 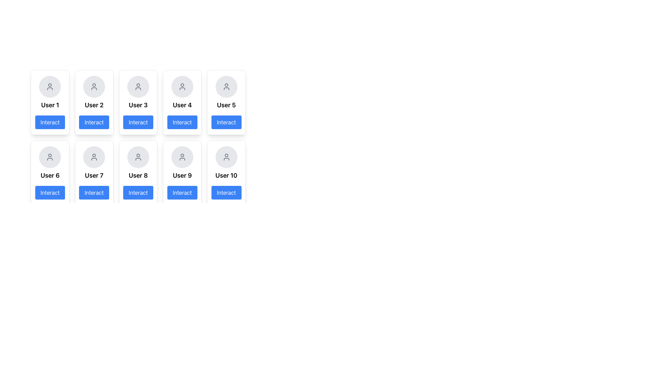 I want to click on text content of the label displaying 'User 10', which is styled in bold font and located below a user icon in a grid layout, so click(x=226, y=175).